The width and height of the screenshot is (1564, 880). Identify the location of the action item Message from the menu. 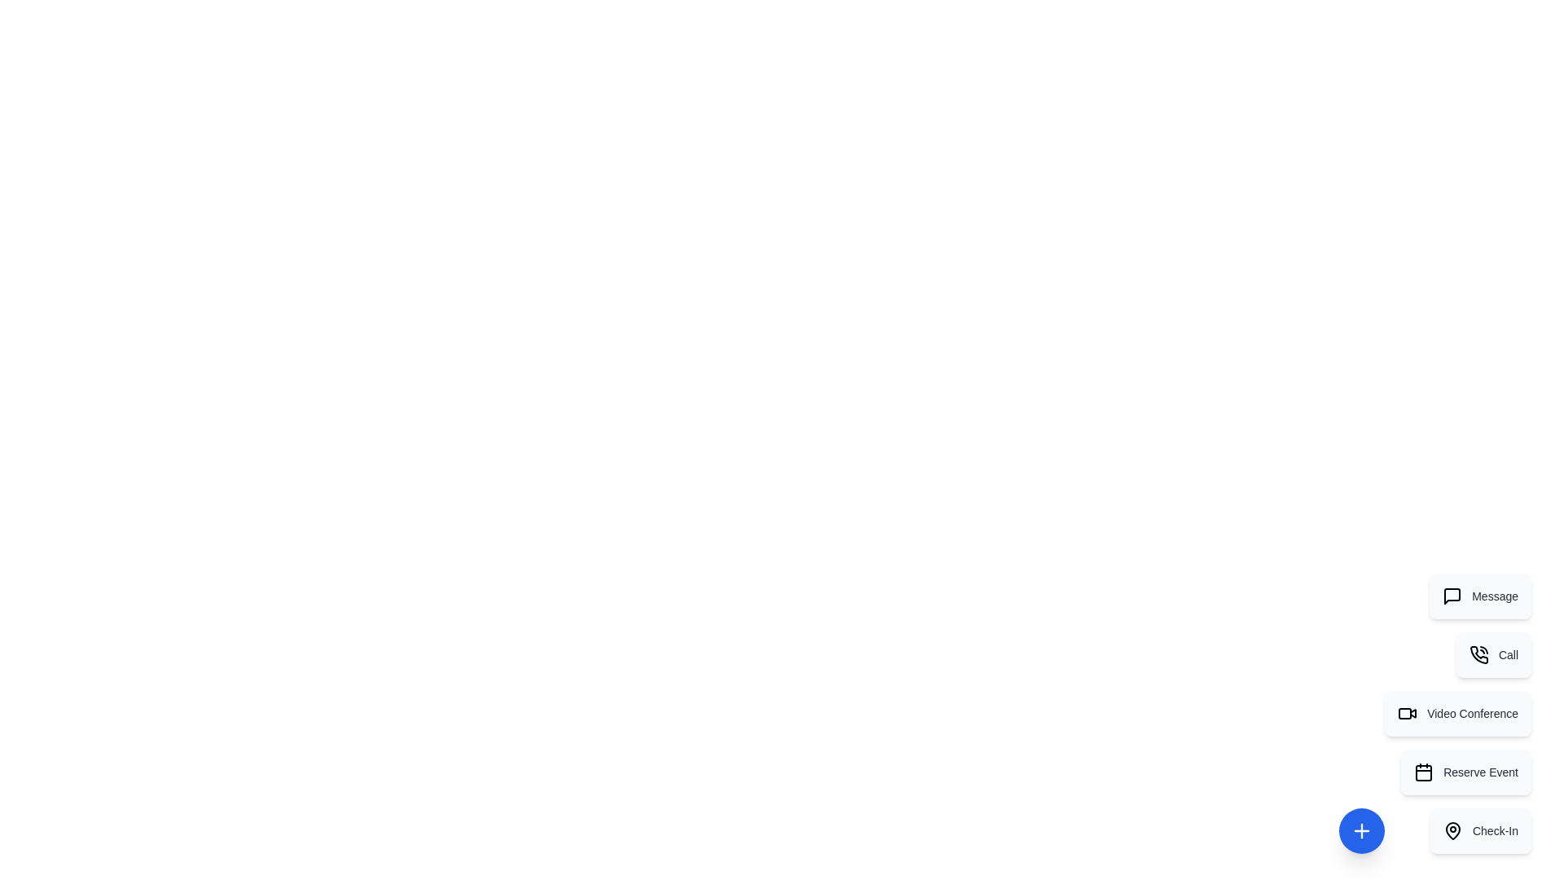
(1480, 596).